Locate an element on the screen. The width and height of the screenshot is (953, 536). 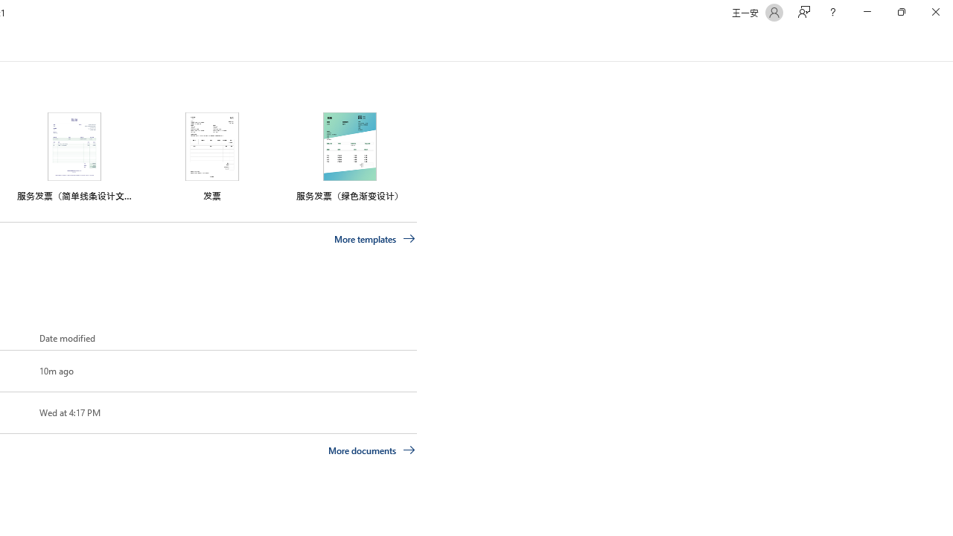
'Restore Down' is located at coordinates (900, 12).